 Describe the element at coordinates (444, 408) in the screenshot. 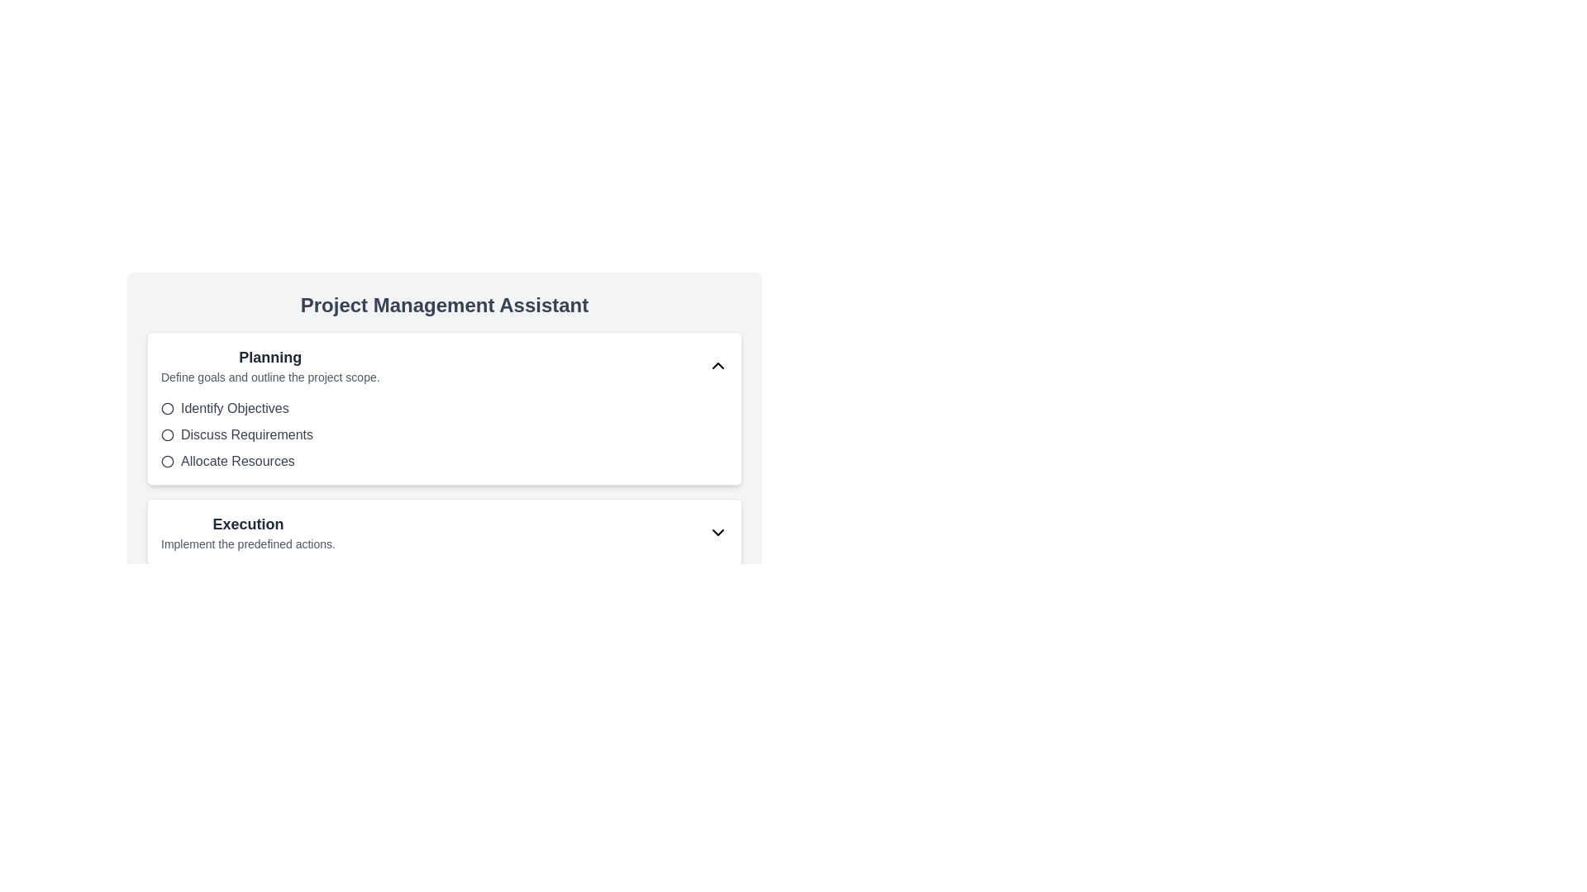

I see `an item from the checklist in the collapsible section related to the 'Planning' phase of project management, positioned below the header of 'Project Management Assistant'` at that location.